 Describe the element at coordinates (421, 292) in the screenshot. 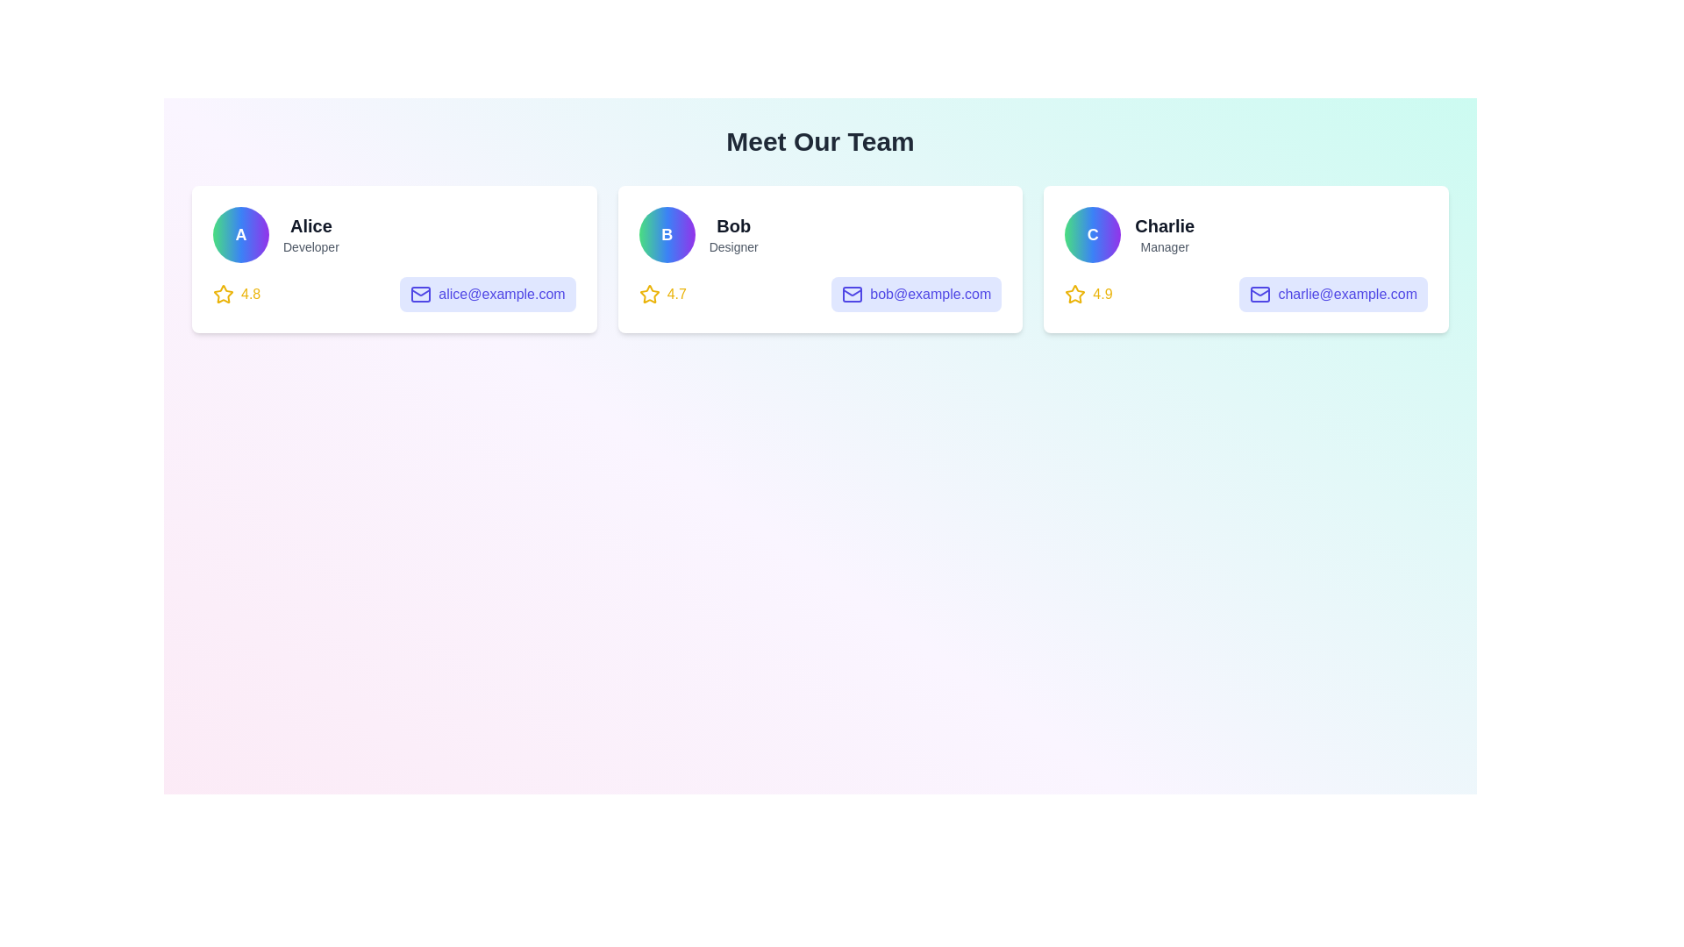

I see `the inner diagonal line forming the 'V' shape in the envelope icon located in the second card of the 'Meet Our Team' section, adjacent to the text 'bob@example.com'` at that location.